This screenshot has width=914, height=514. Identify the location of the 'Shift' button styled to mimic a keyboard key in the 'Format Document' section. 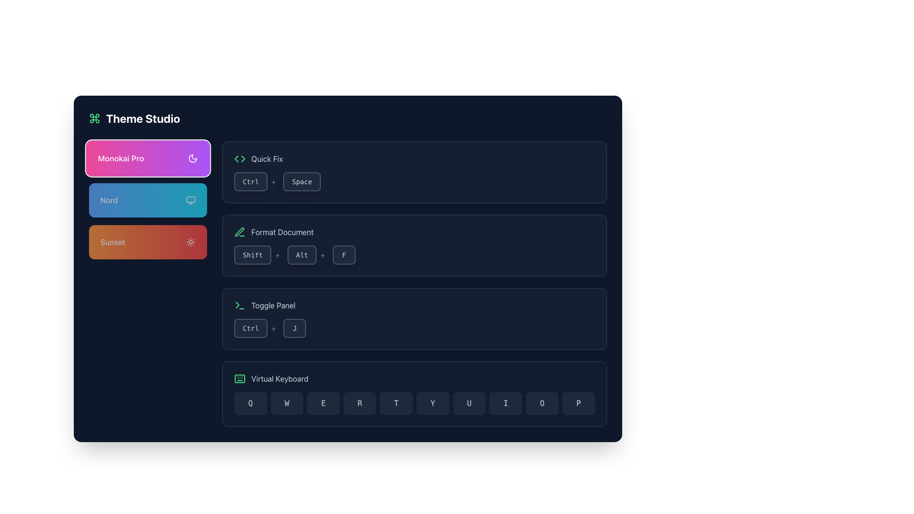
(258, 255).